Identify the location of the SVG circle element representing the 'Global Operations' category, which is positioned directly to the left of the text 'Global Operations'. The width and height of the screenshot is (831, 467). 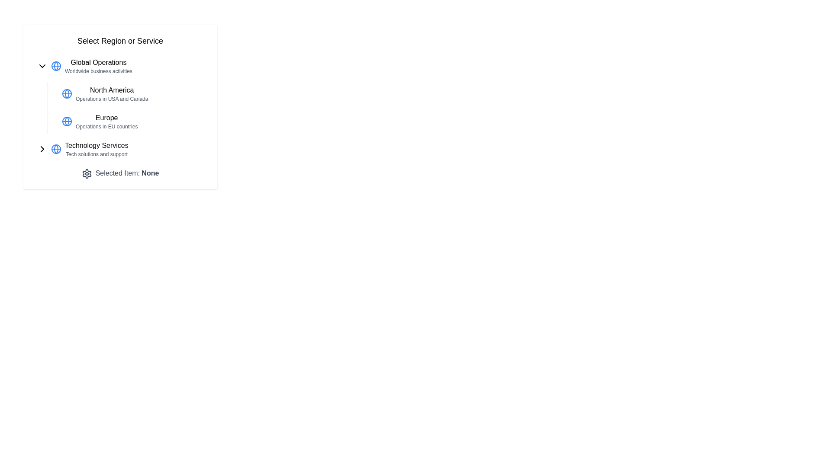
(55, 66).